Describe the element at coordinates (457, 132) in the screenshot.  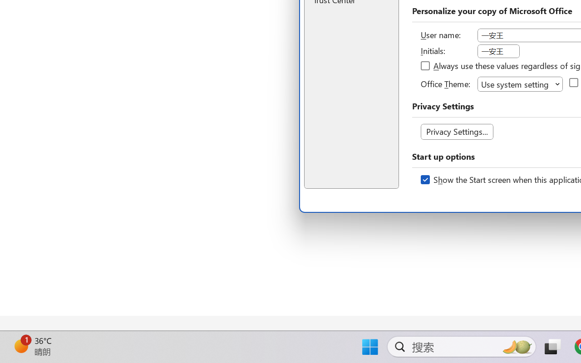
I see `'Privacy Settings...'` at that location.